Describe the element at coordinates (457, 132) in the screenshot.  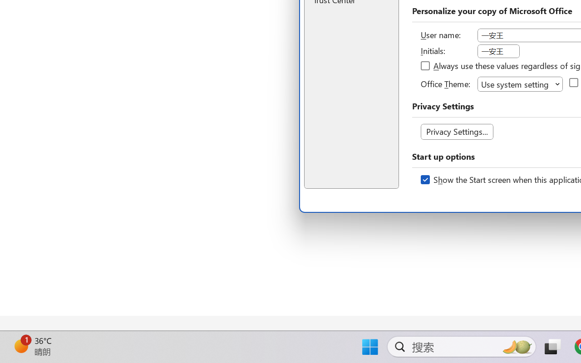
I see `'Privacy Settings...'` at that location.